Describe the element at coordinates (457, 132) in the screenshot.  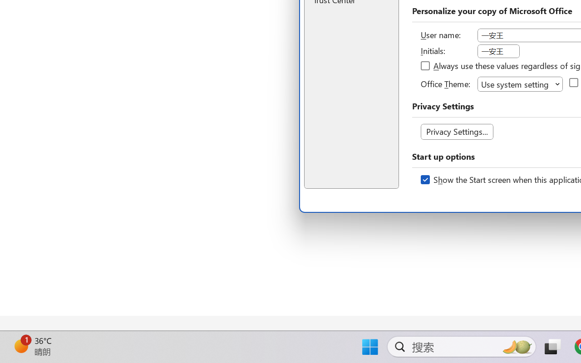
I see `'Privacy Settings...'` at that location.